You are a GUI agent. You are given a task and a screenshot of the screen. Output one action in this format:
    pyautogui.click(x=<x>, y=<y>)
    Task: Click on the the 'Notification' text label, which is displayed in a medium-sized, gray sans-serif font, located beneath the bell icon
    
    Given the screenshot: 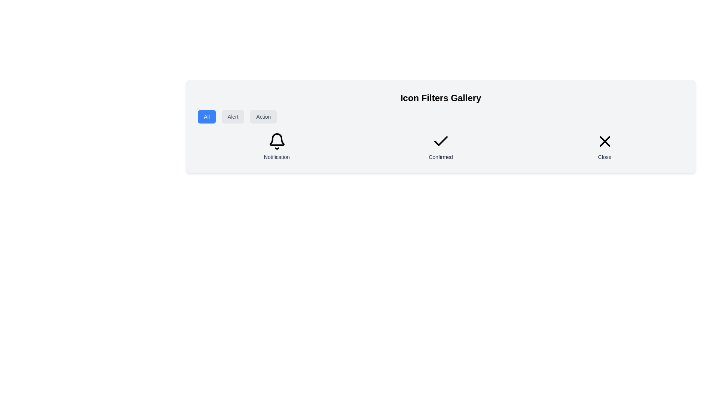 What is the action you would take?
    pyautogui.click(x=276, y=156)
    